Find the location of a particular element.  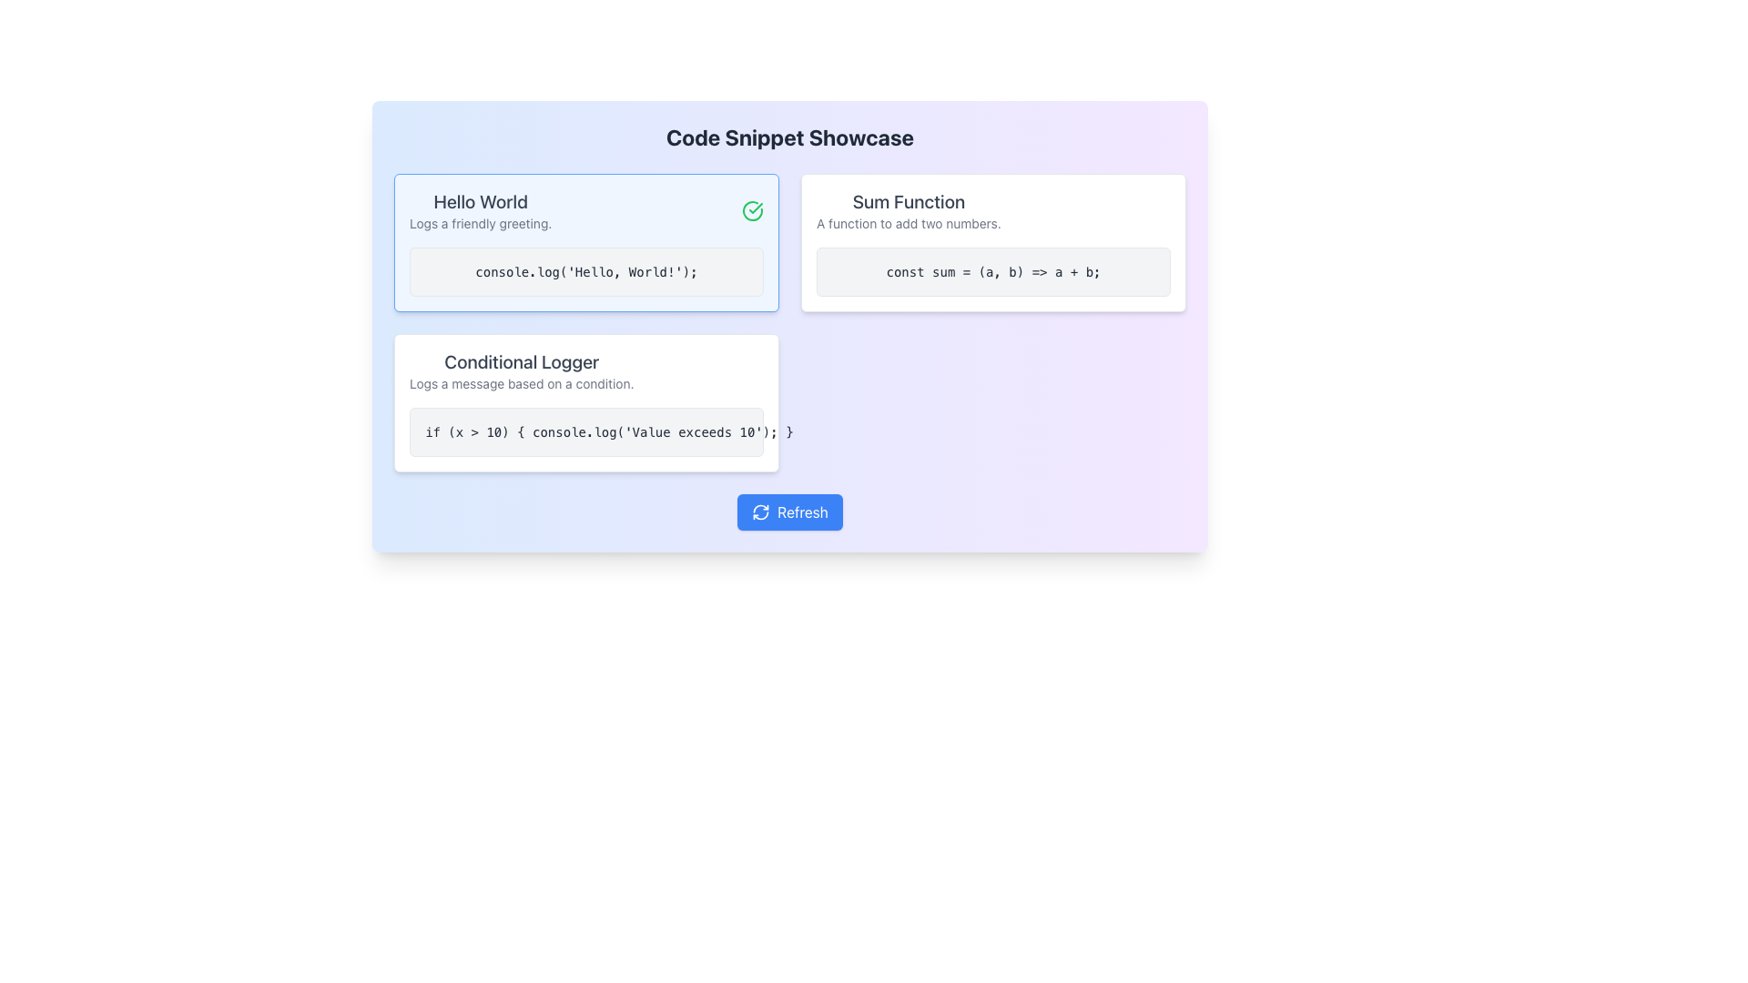

the Card element displaying the titled code snippet example for conditional logging in JavaScript is located at coordinates (586, 402).